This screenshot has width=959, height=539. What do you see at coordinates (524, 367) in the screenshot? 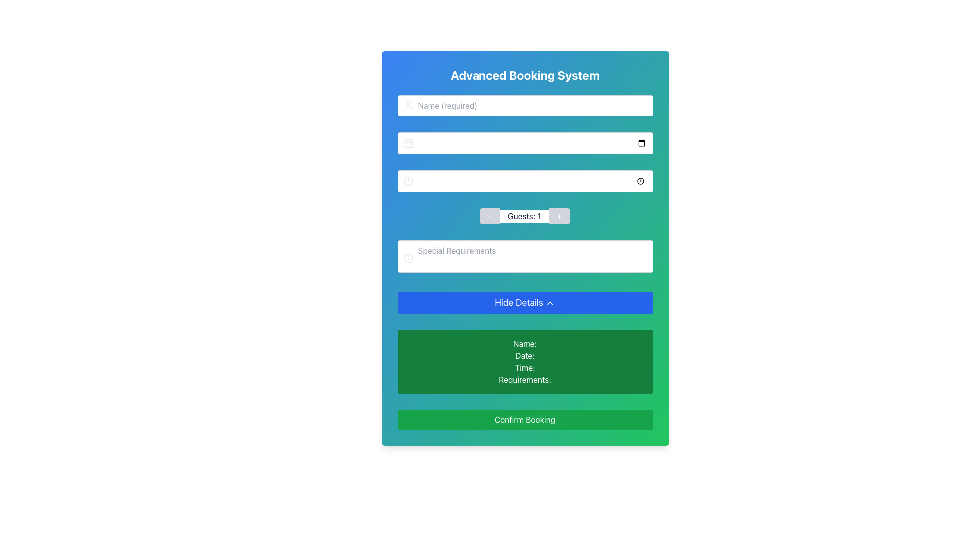
I see `the 'Time:' label which indicates the section related to time in the booking form, positioned between 'Date:' and 'Requirements:' labels` at bounding box center [524, 367].